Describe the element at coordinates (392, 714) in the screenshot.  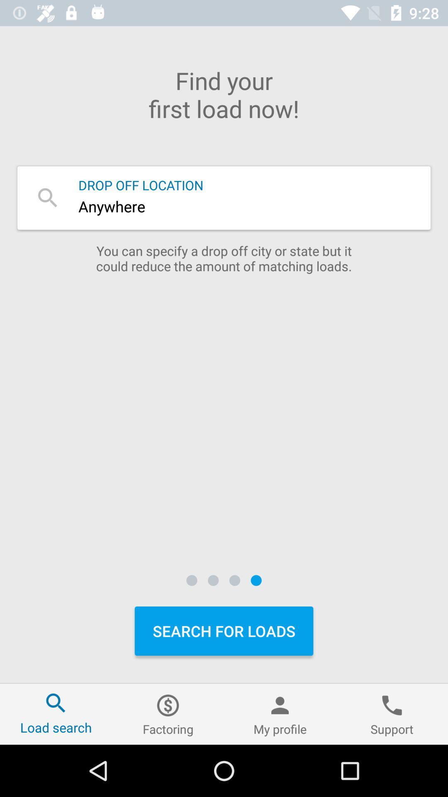
I see `the last button at bottom right corner of the page` at that location.